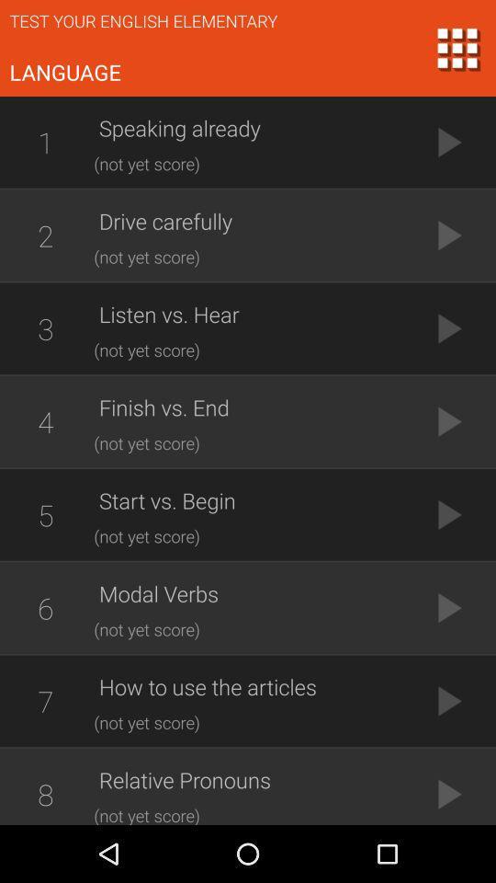  I want to click on item to the left of  speaking already app, so click(45, 141).